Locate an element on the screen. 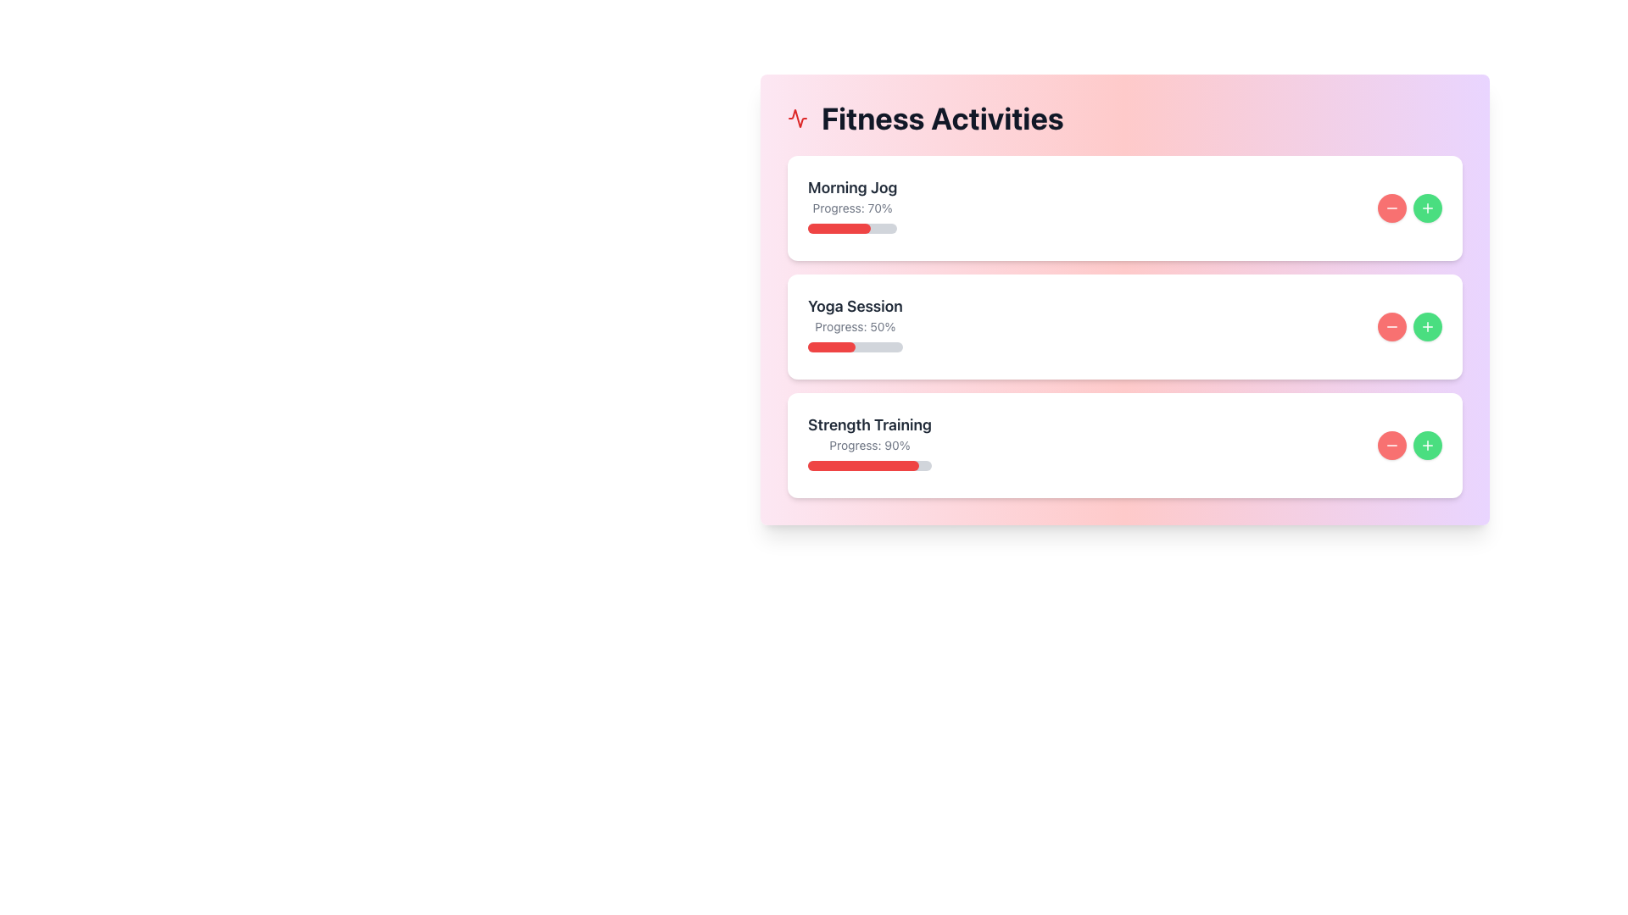  the text label displaying 'Progress: 50%', which is located directly below the 'Yoga Session' title within the middle card of the 'Fitness Activities' section is located at coordinates (855, 326).